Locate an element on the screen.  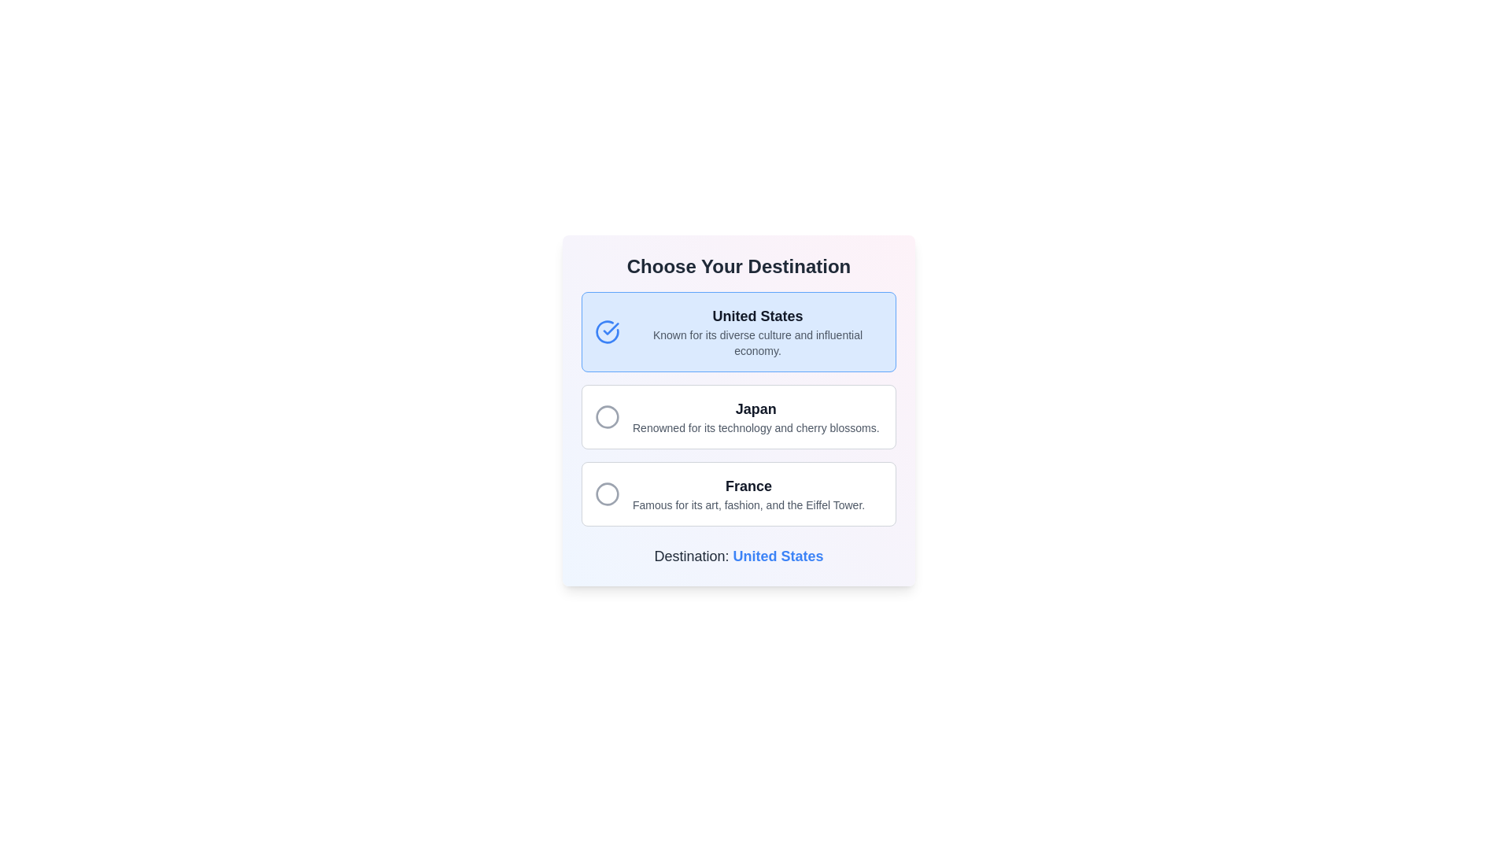
the static text element that describes 'Renowned for its technology and cherry blossoms.' positioned below the selection option labeled 'Japan' is located at coordinates (755, 427).